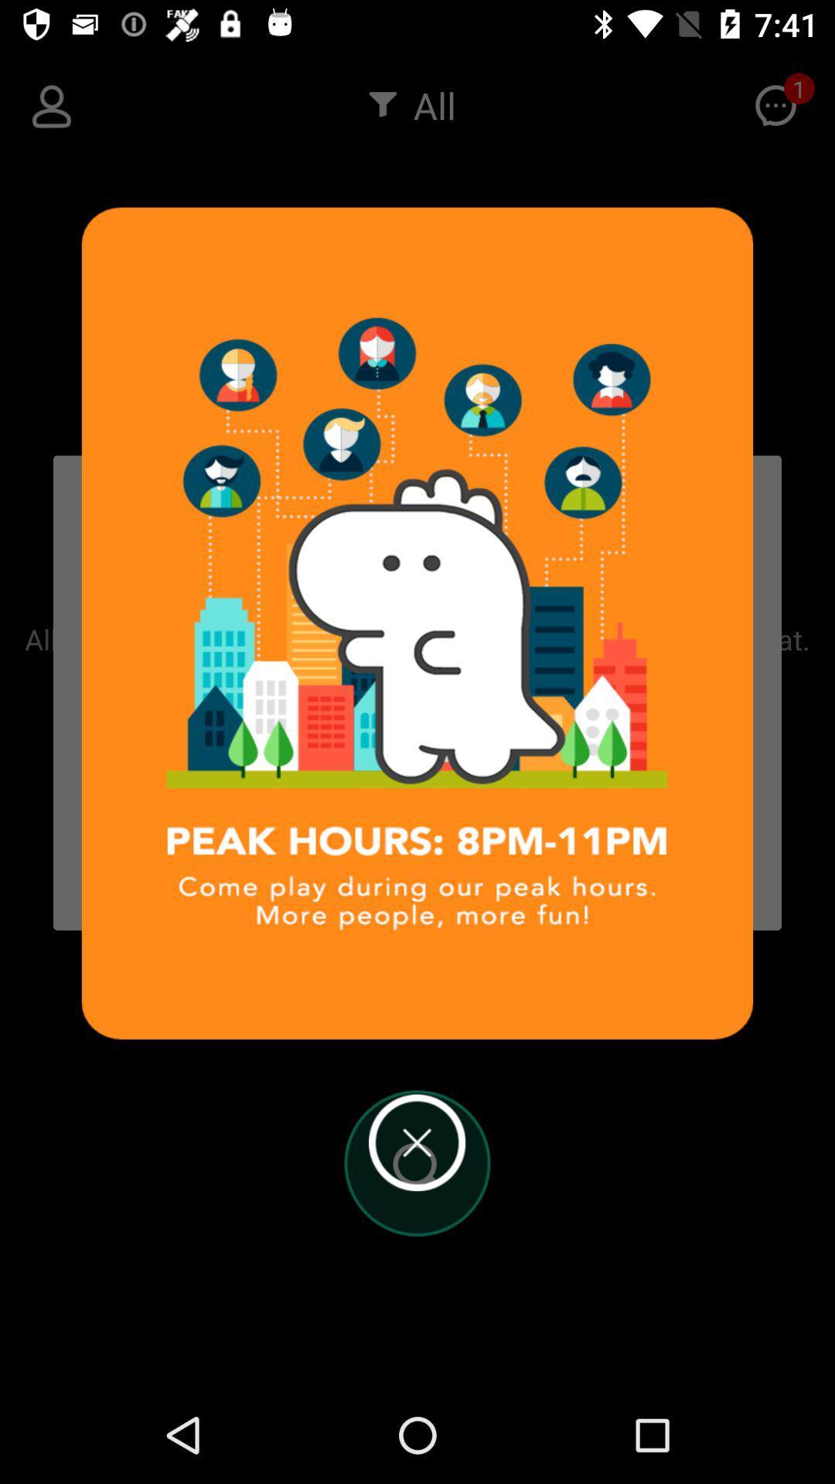 This screenshot has width=835, height=1484. What do you see at coordinates (416, 1142) in the screenshot?
I see `button` at bounding box center [416, 1142].